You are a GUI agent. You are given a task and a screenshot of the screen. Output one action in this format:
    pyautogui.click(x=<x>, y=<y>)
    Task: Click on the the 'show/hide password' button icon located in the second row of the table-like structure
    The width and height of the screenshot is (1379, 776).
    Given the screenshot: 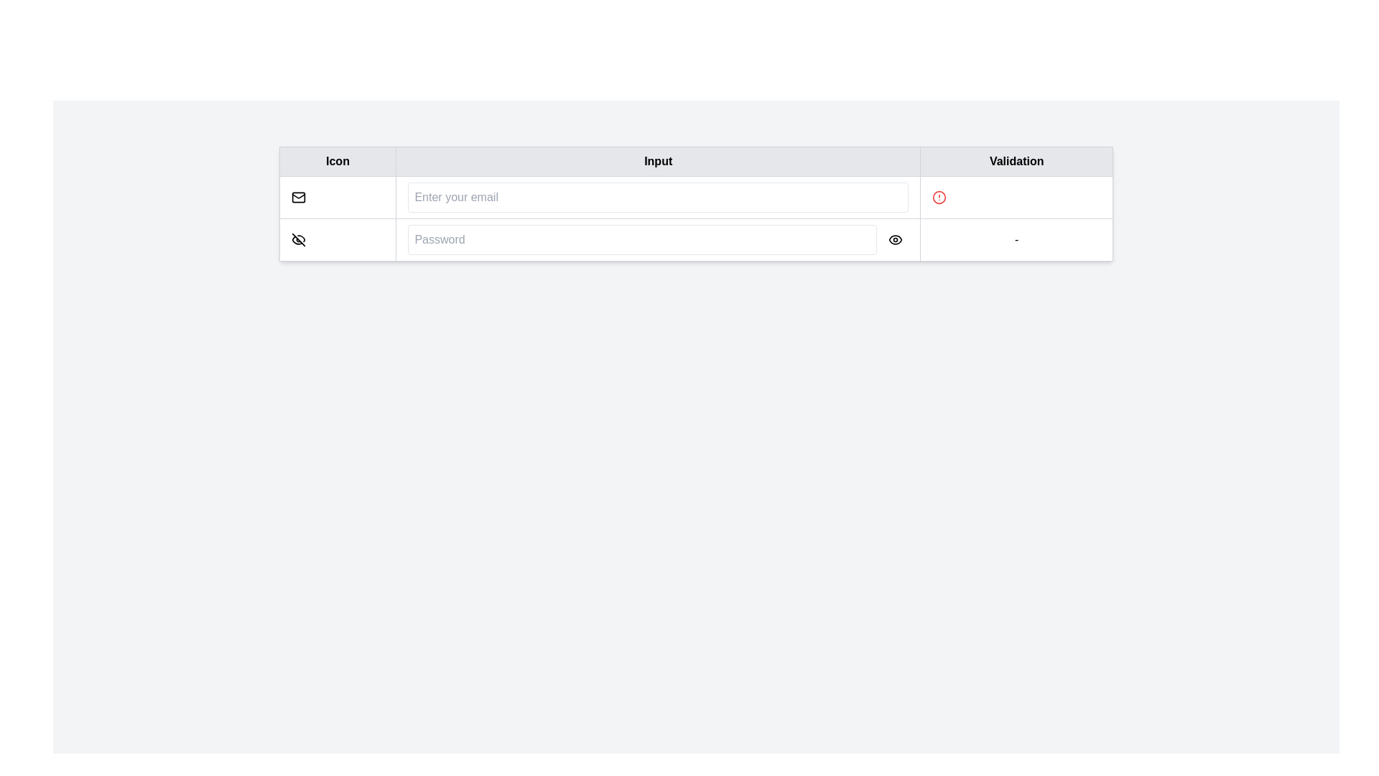 What is the action you would take?
    pyautogui.click(x=895, y=239)
    